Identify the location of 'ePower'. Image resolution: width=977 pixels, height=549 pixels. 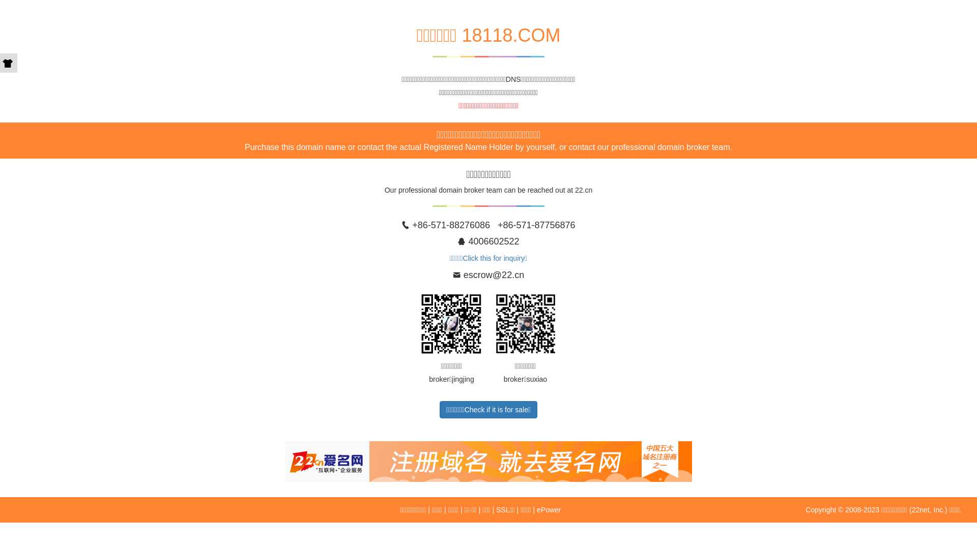
(548, 509).